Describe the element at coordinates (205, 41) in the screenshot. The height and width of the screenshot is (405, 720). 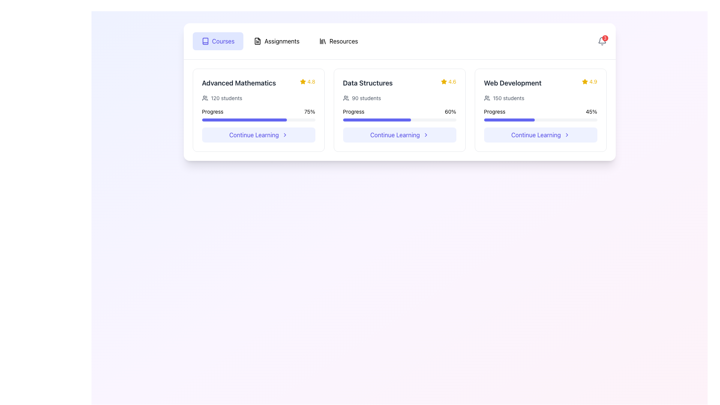
I see `the decorative SVG icon representing 'Courses' located inside the button labeled 'Courses', positioned to the left of the text label` at that location.